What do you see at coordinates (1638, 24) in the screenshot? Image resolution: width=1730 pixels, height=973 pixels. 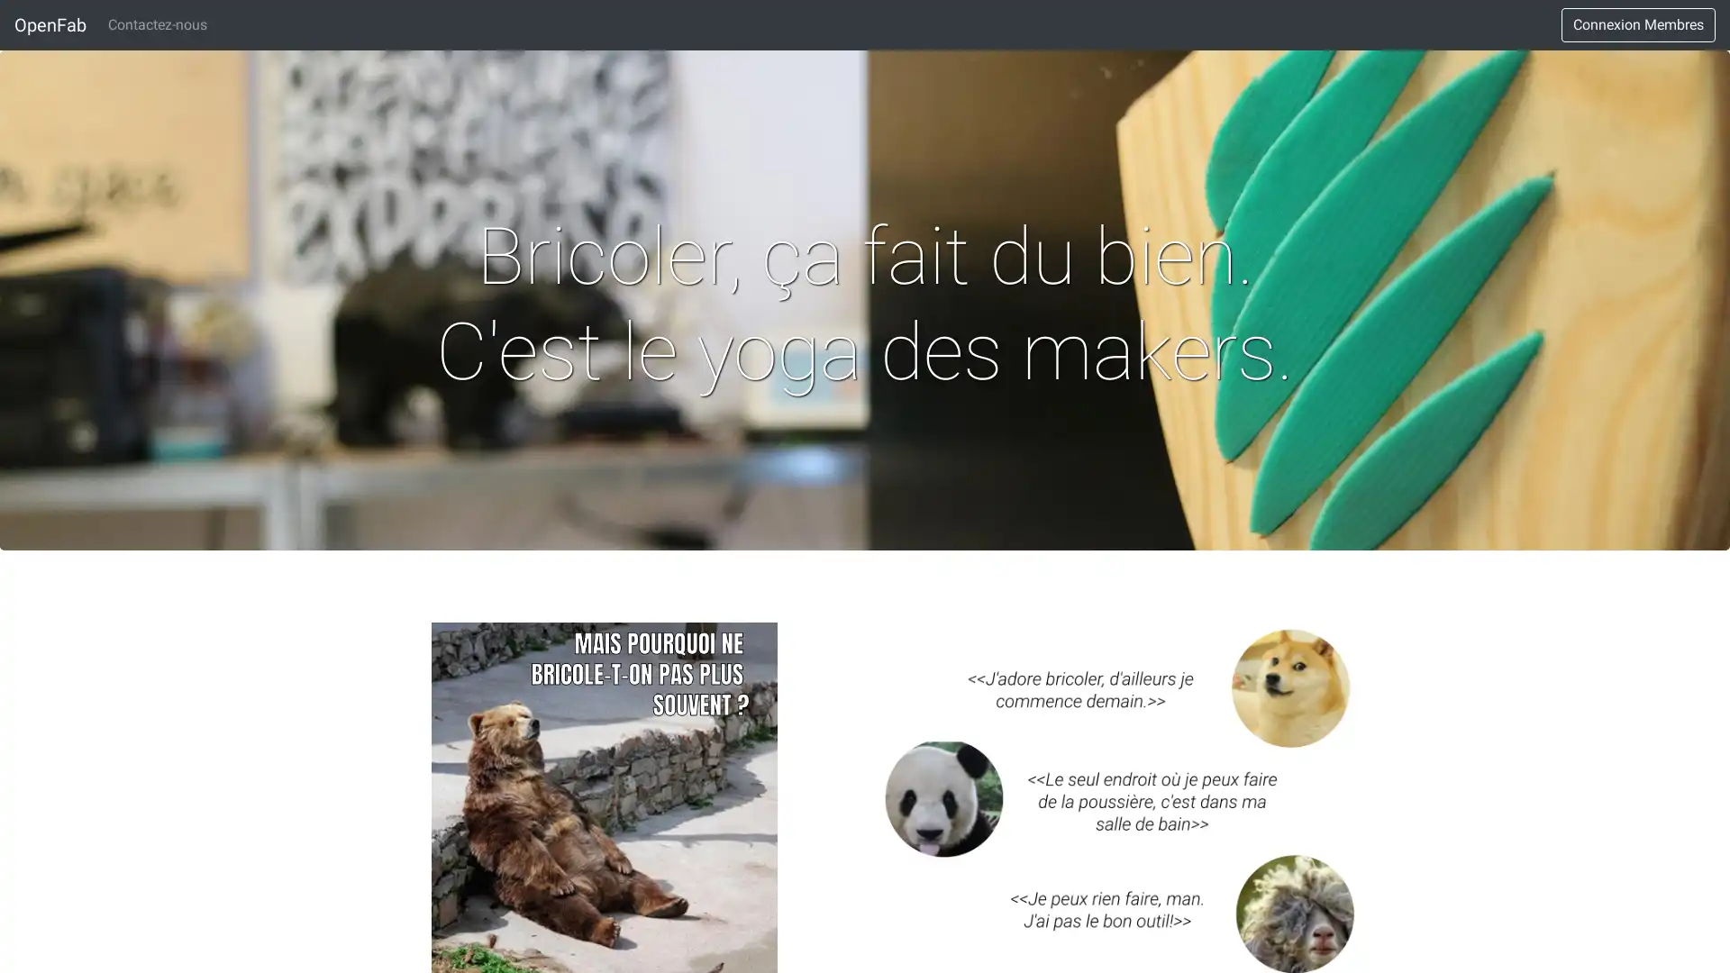 I see `Connexion Membres` at bounding box center [1638, 24].